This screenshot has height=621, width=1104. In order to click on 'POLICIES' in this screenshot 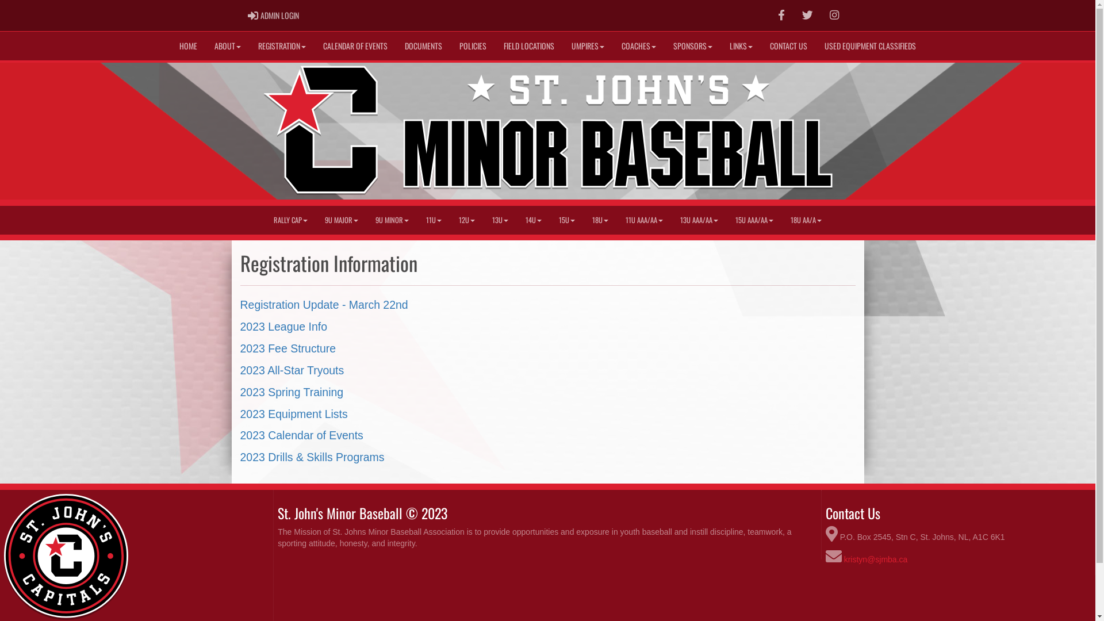, I will do `click(450, 45)`.